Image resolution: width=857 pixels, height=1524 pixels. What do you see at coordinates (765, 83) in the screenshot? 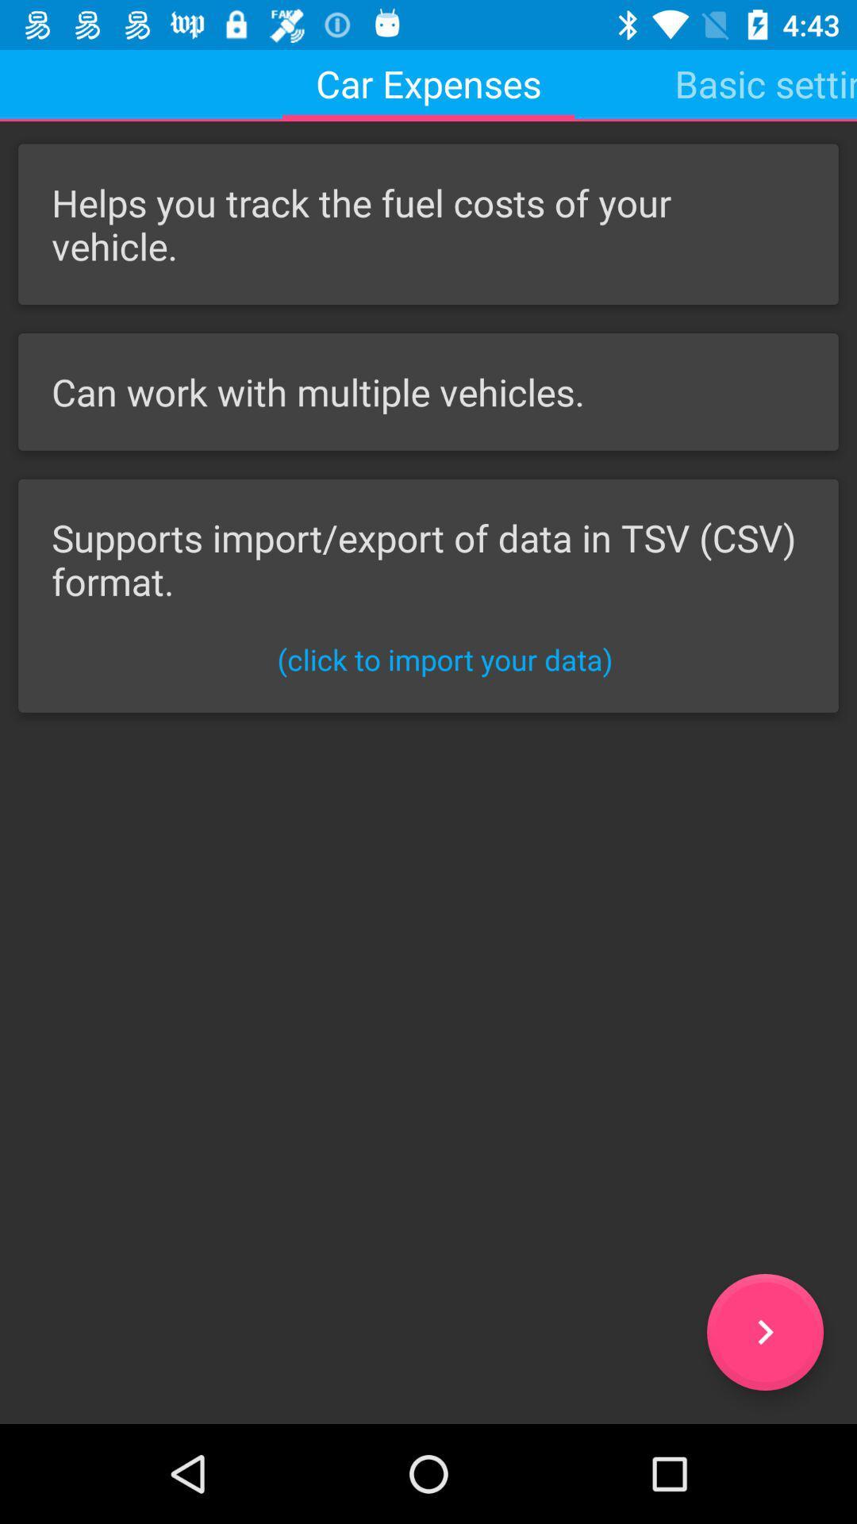
I see `icon next to car expenses item` at bounding box center [765, 83].